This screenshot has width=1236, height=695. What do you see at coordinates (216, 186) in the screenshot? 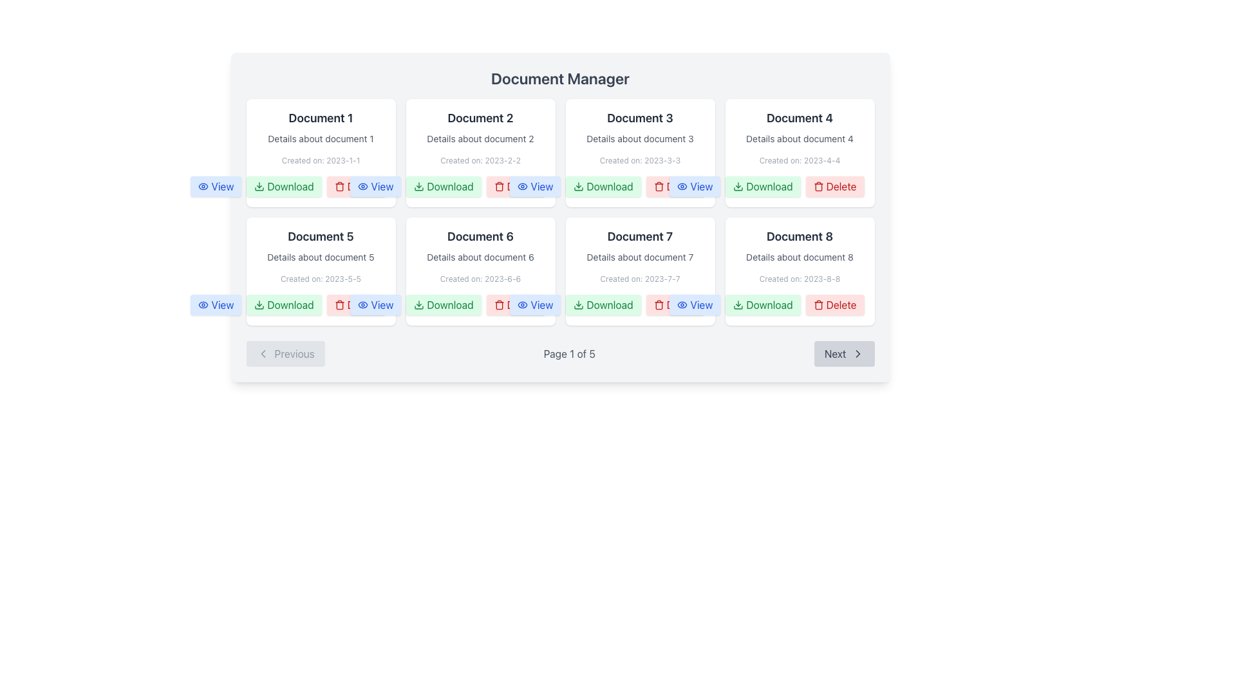
I see `the button located at the top-left corner of the document grid` at bounding box center [216, 186].